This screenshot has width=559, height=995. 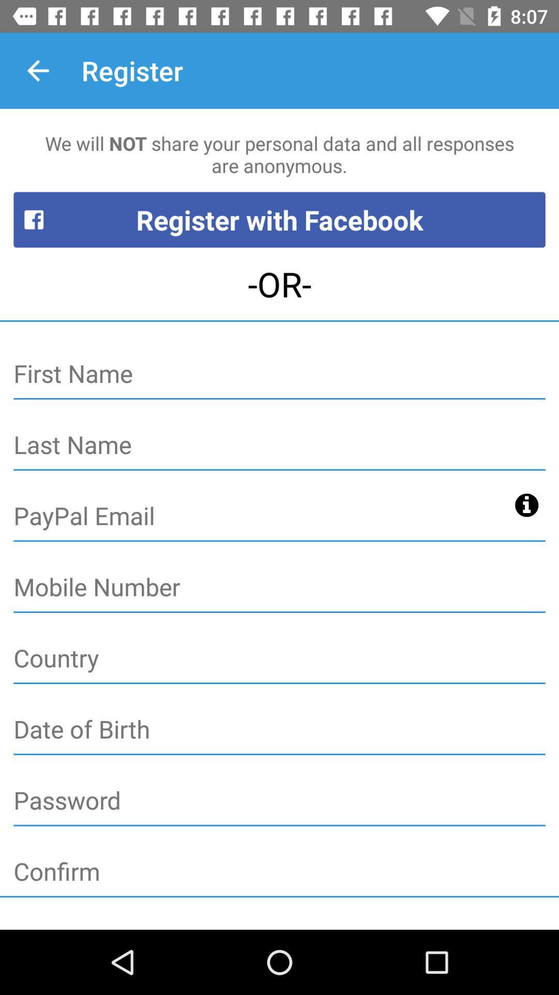 I want to click on paypal email, so click(x=260, y=517).